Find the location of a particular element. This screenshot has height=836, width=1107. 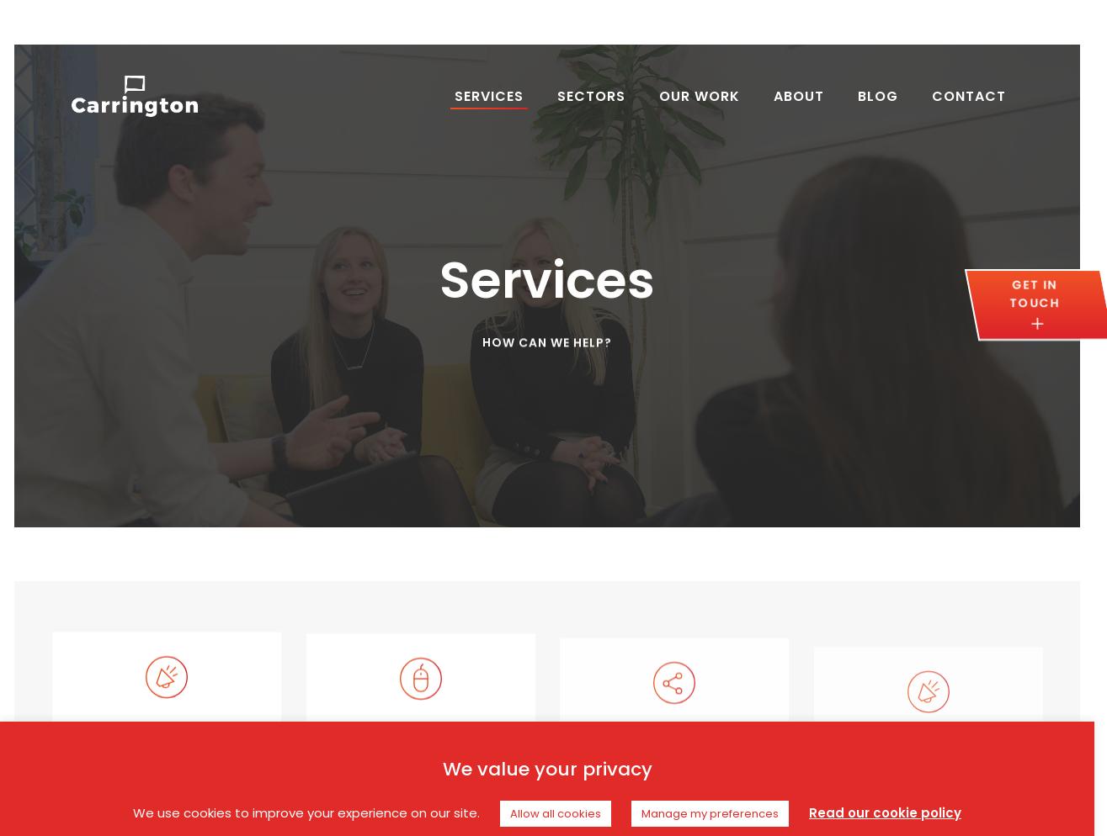

'SEO' is located at coordinates (420, 741).